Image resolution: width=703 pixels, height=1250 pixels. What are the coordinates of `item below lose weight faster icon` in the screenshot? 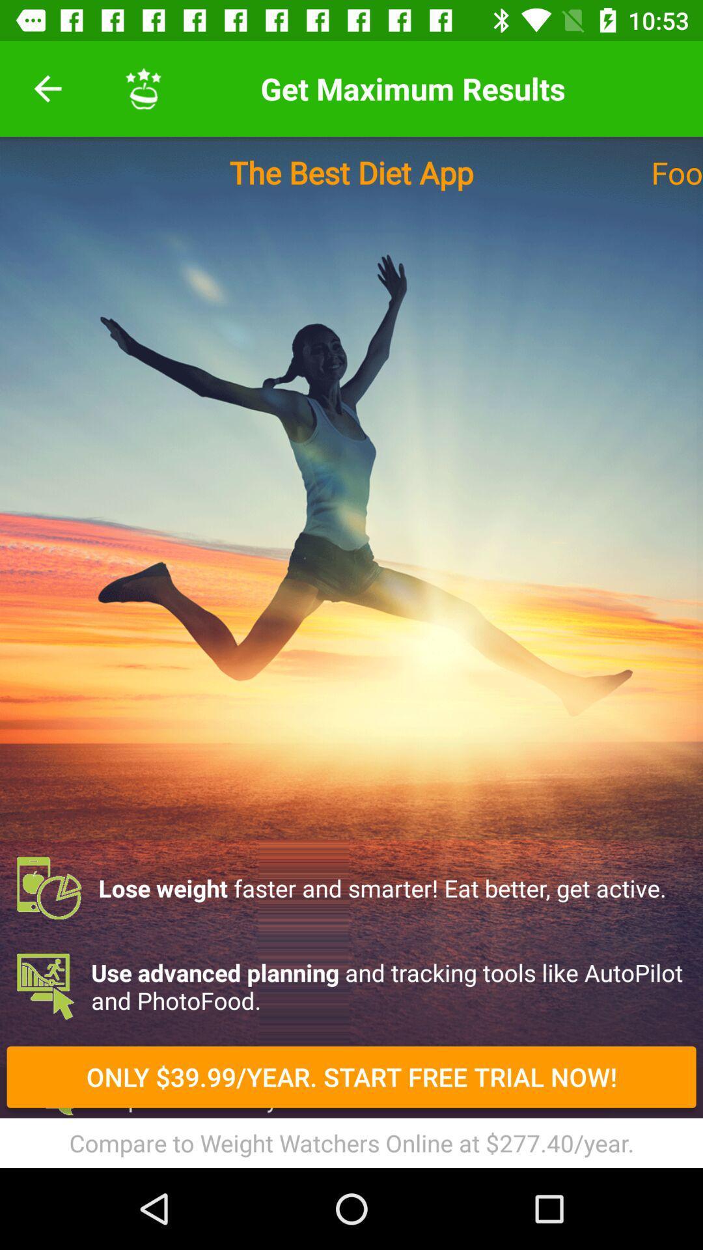 It's located at (351, 986).